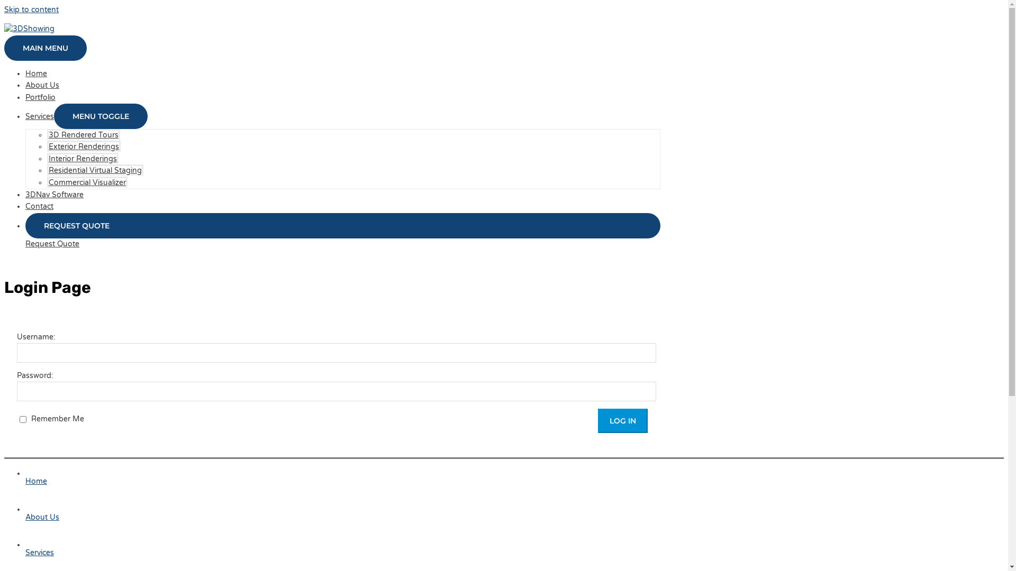 This screenshot has height=571, width=1016. Describe the element at coordinates (343, 547) in the screenshot. I see `'Services'` at that location.